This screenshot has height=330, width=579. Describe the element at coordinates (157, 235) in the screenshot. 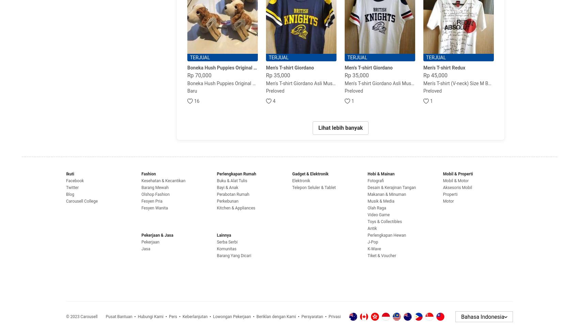

I see `'Pekerjaan & Jasa'` at that location.